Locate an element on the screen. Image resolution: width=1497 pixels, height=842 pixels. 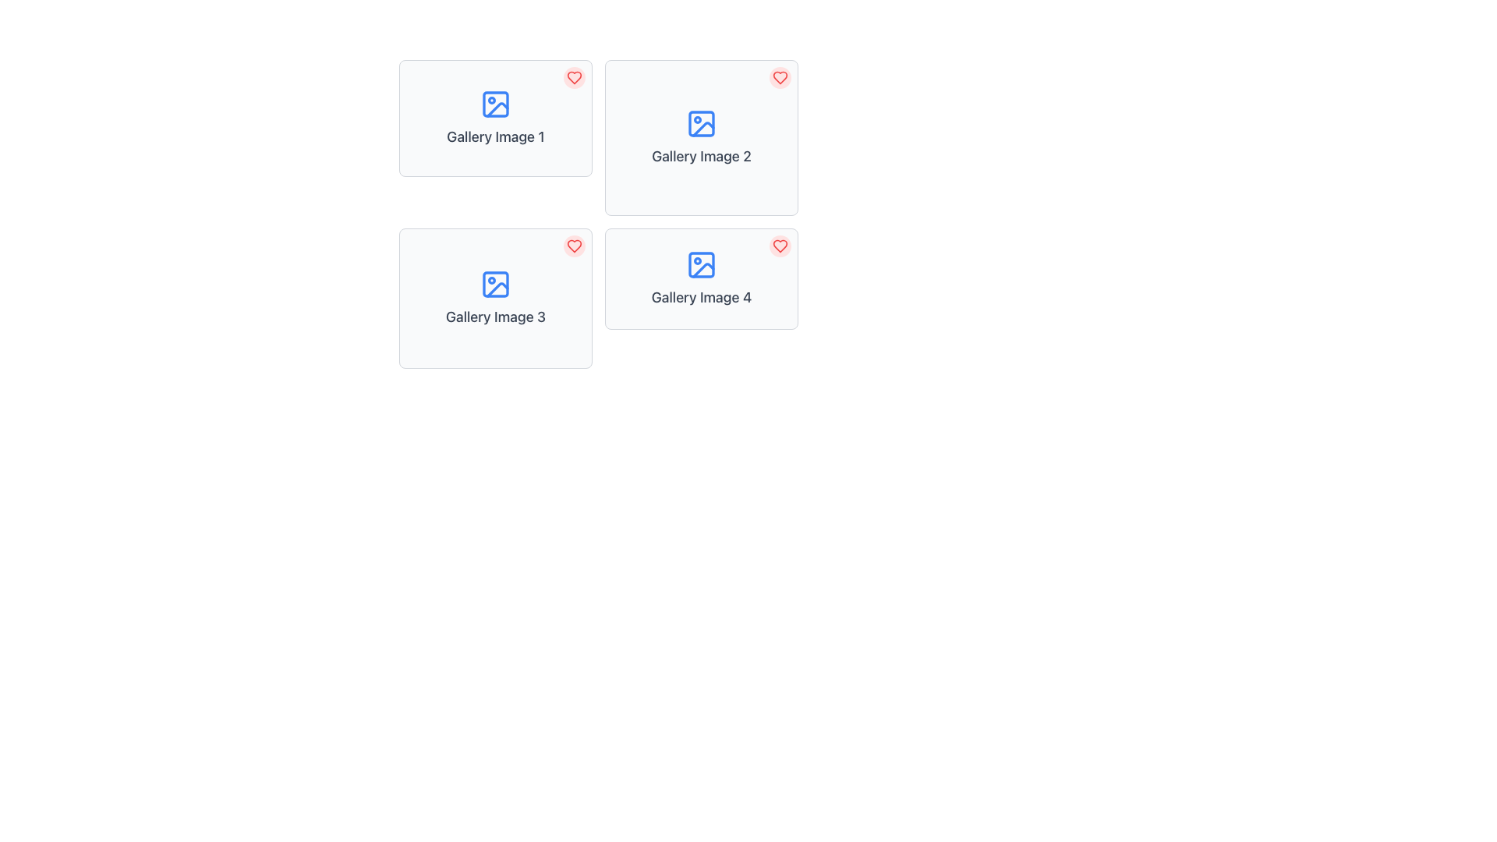
the heart icon located in the top-right corner of the 'Gallery Image 1' card is located at coordinates (574, 78).